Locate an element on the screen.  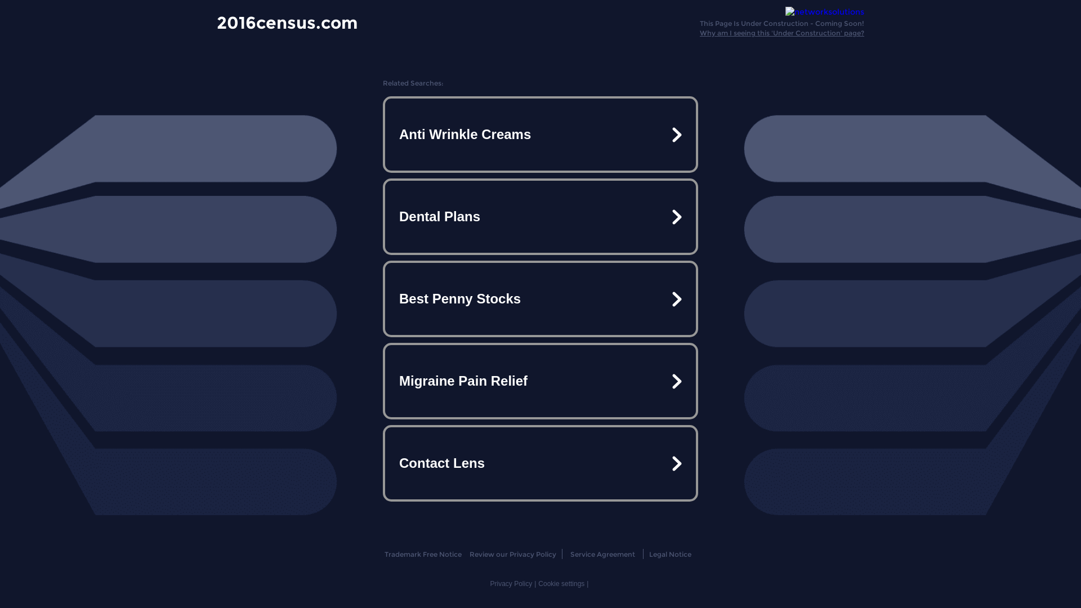
'Why am I seeing this 'Under Construction' page?' is located at coordinates (781, 32).